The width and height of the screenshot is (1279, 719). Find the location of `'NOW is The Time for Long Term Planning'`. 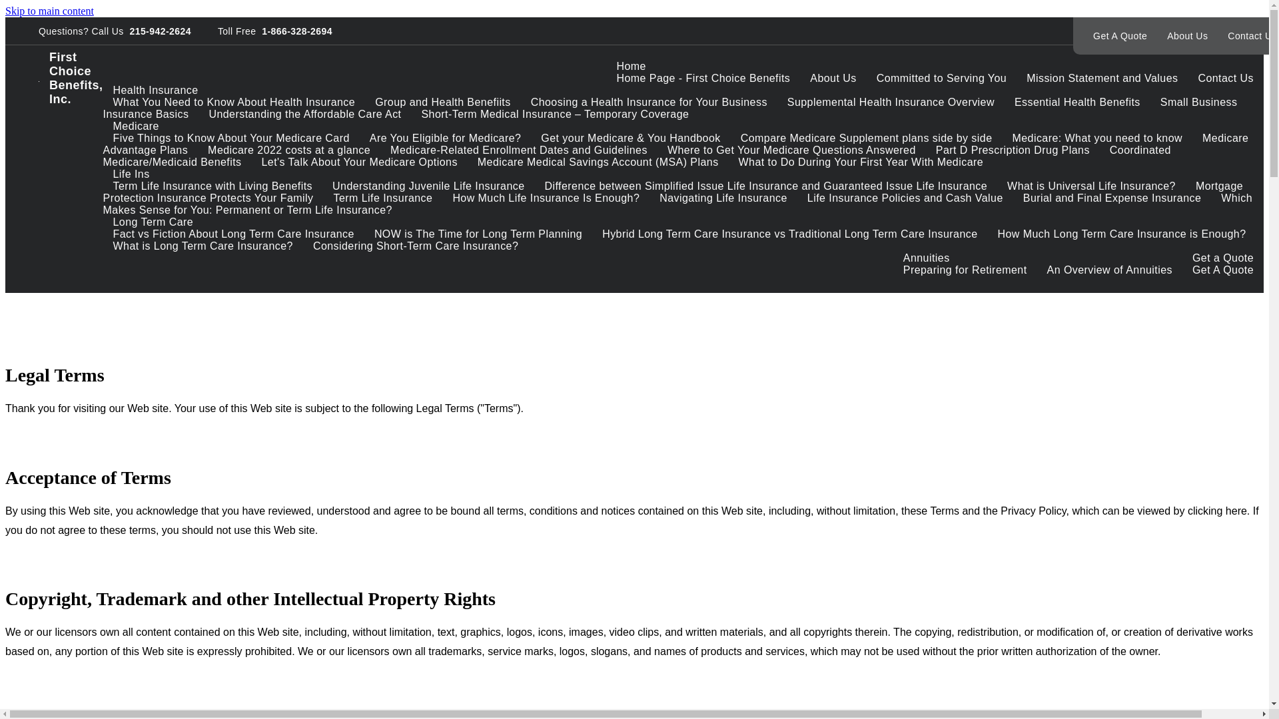

'NOW is The Time for Long Term Planning' is located at coordinates (478, 233).